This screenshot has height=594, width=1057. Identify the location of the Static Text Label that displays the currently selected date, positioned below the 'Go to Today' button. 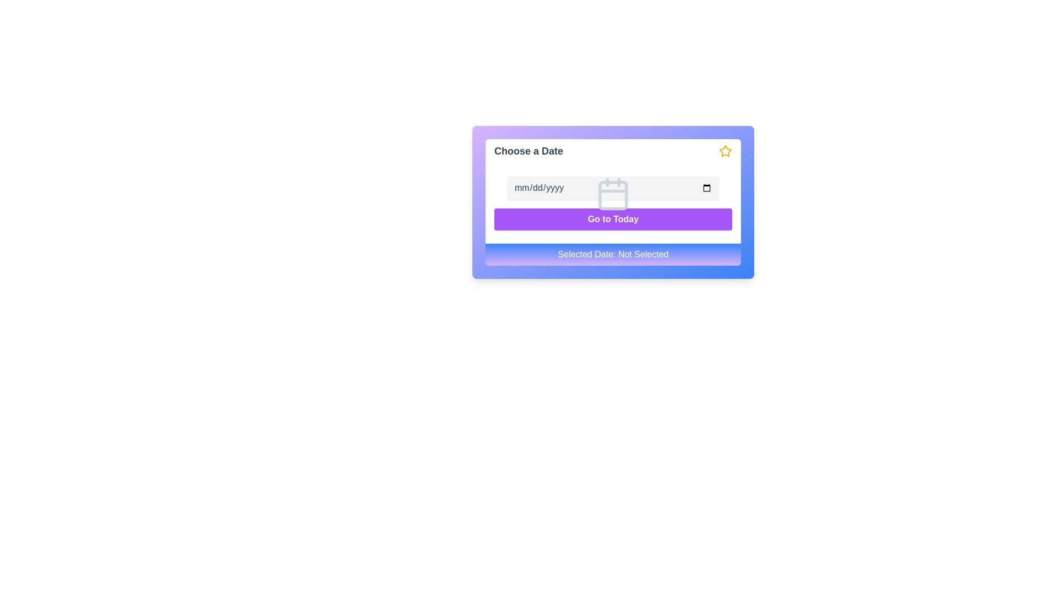
(612, 254).